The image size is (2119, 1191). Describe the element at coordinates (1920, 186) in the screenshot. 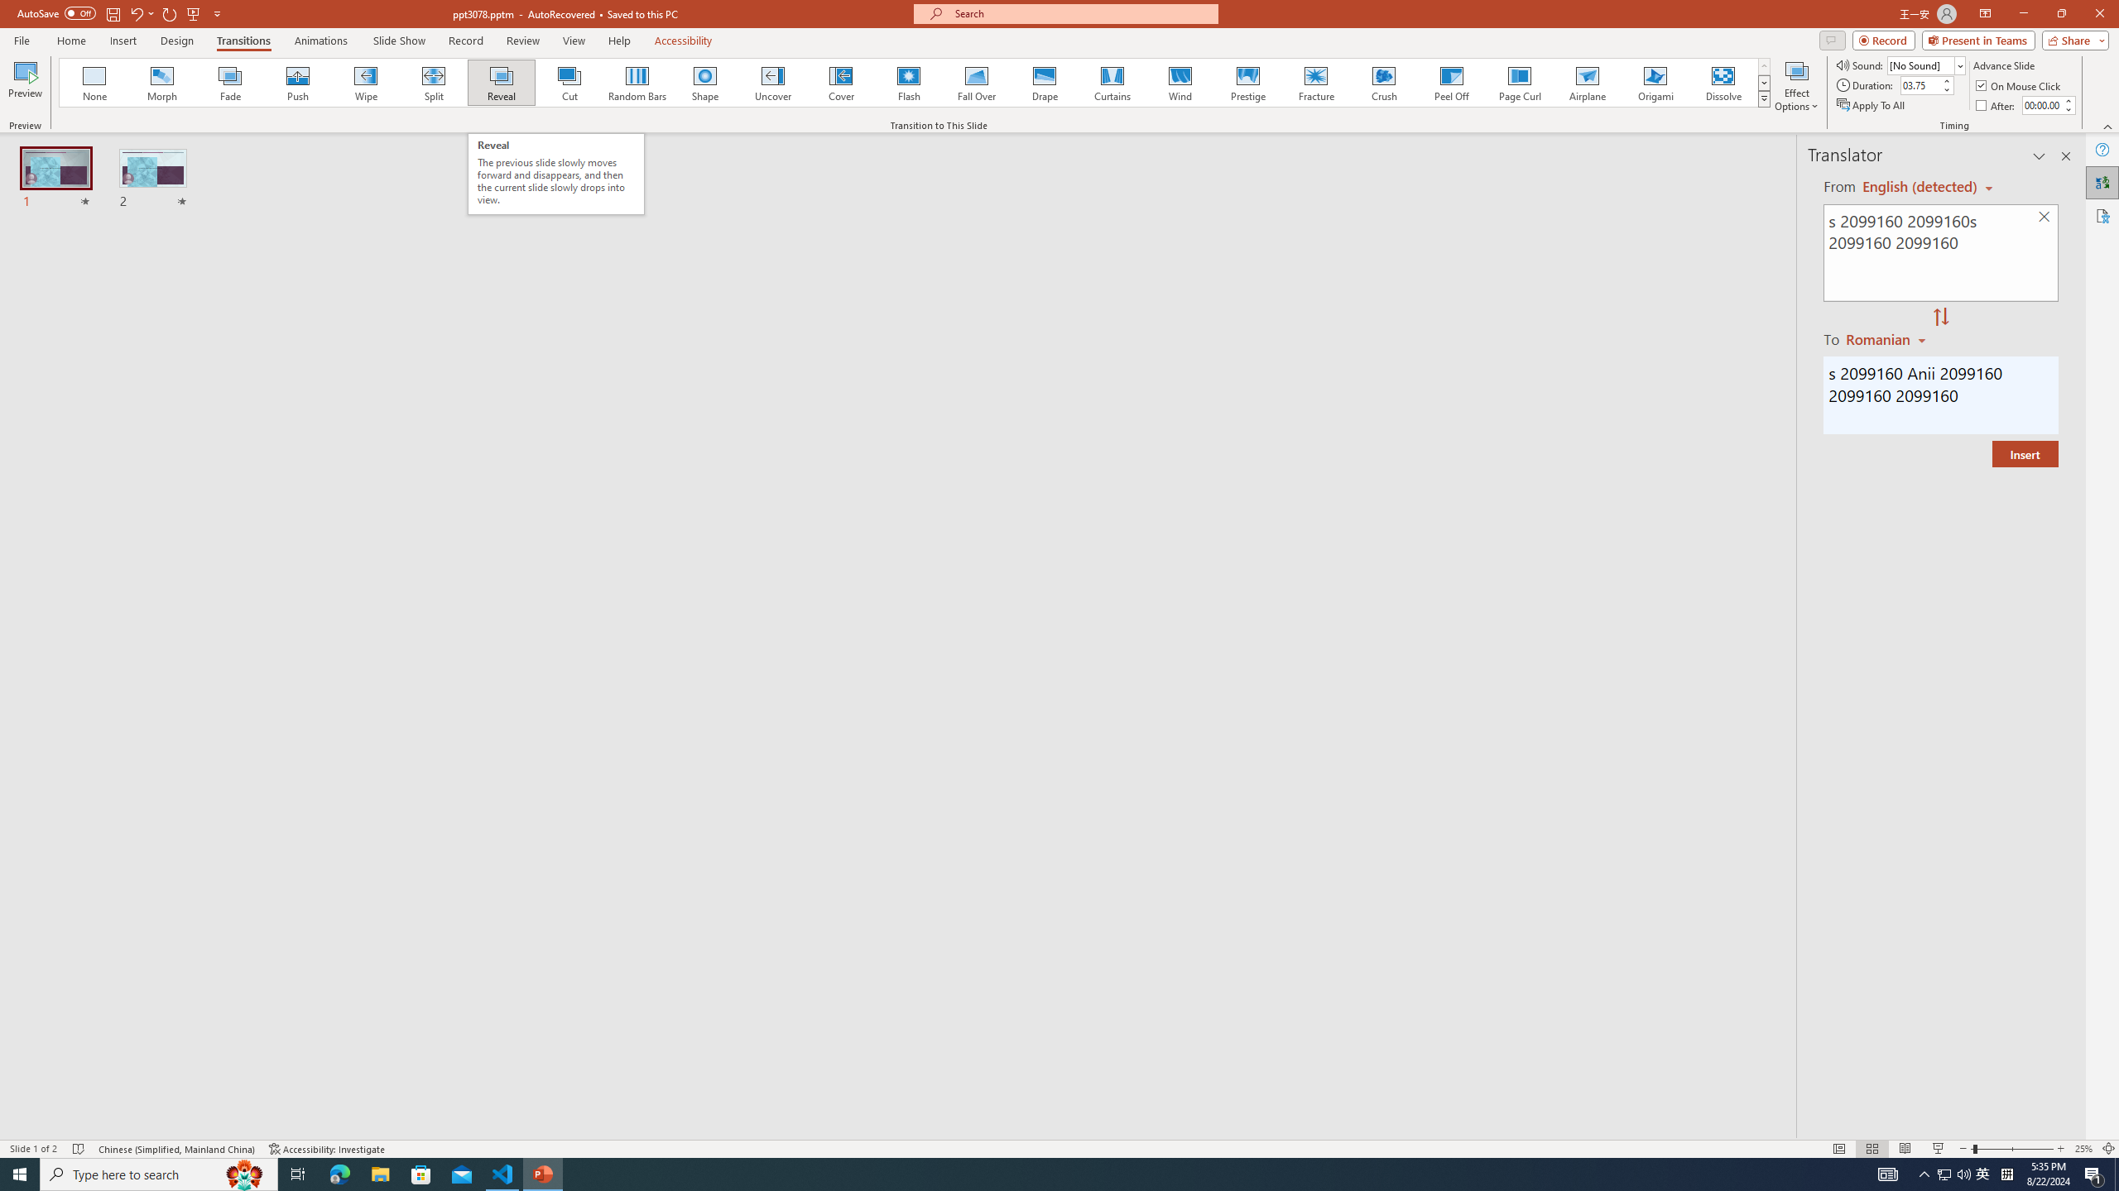

I see `'Czech (detected)'` at that location.